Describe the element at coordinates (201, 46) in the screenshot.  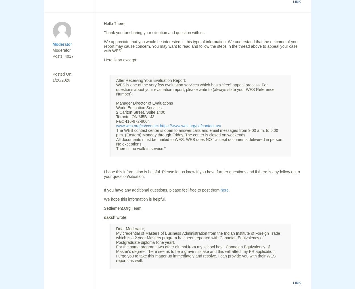
I see `'We appreciate that you would be interested in this type of information. We understand that the outcome of your report may cause concern. You may want to read and follow the steps in the thread above to appeal your case with WES.'` at that location.